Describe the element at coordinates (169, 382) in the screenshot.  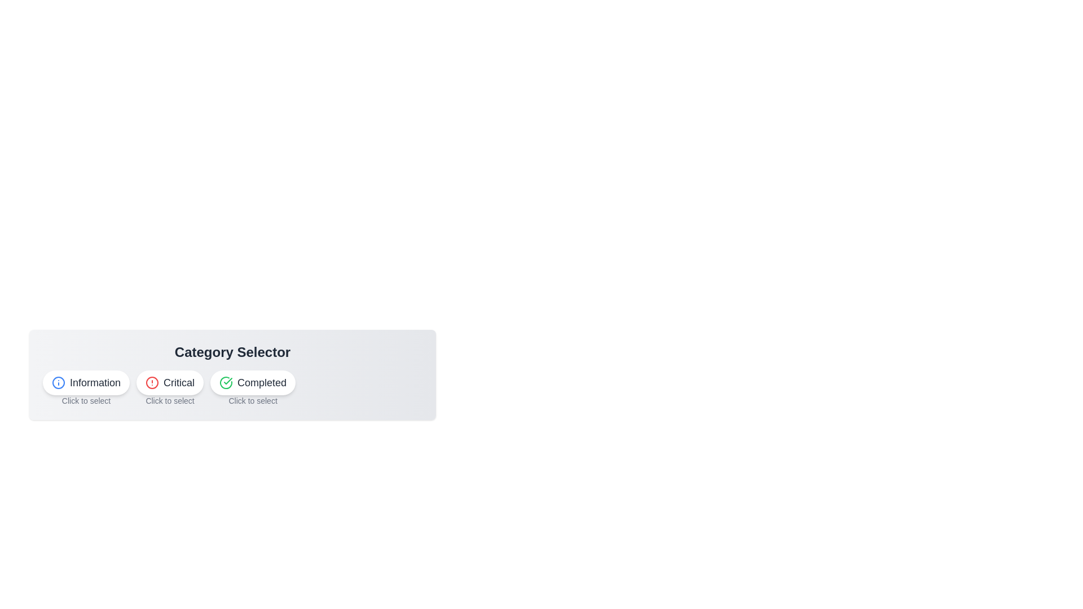
I see `the Critical button` at that location.